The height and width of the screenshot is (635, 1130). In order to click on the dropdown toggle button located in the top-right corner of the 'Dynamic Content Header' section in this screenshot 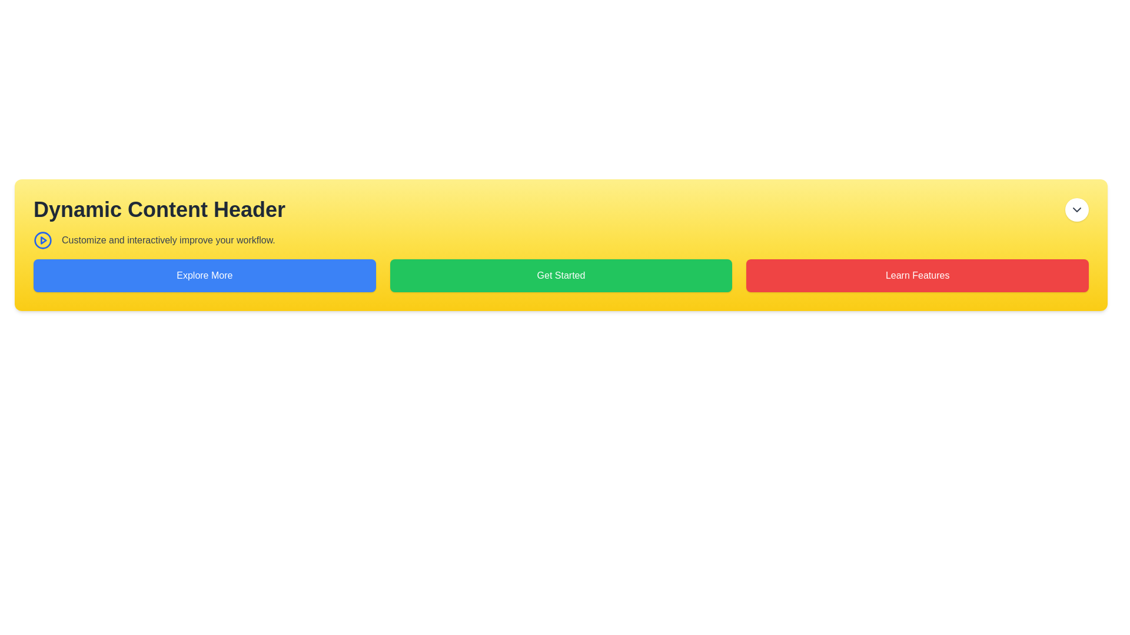, I will do `click(1076, 209)`.